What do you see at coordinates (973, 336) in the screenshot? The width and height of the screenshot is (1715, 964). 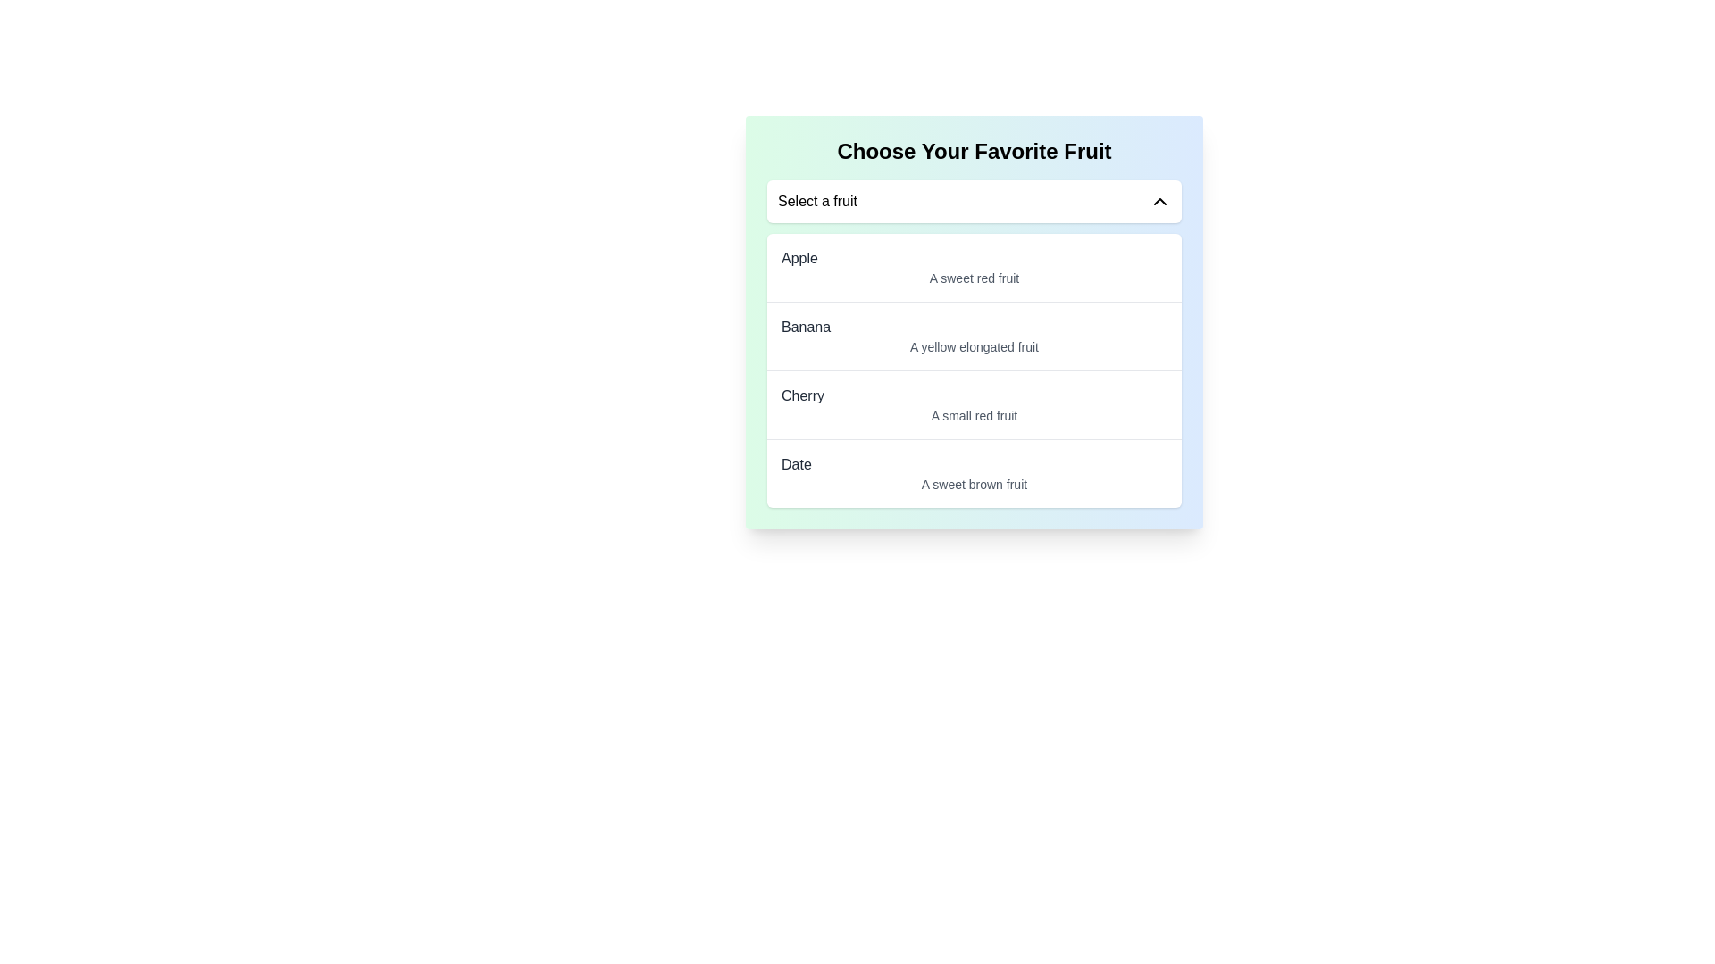 I see `the second item` at bounding box center [973, 336].